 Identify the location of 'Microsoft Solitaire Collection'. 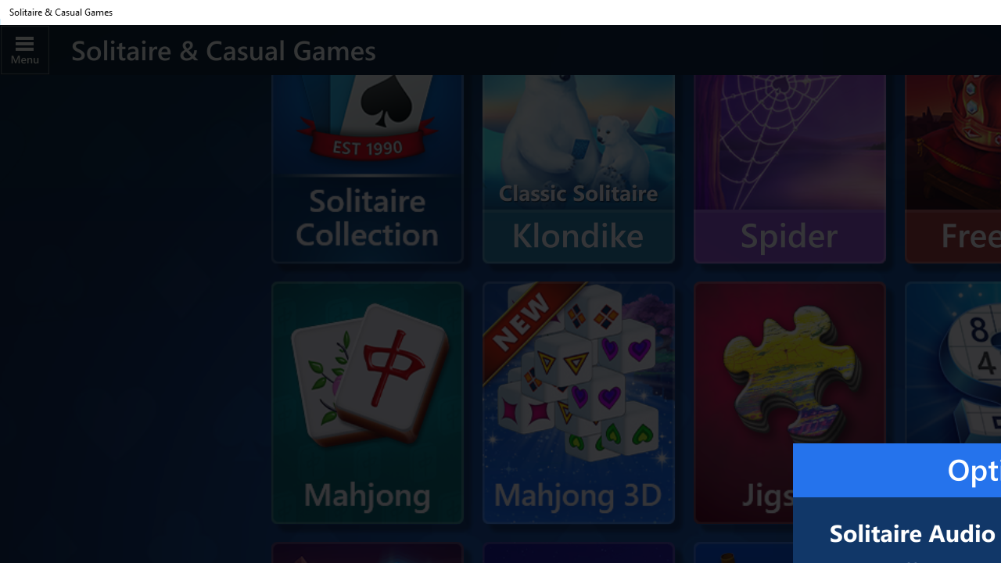
(366, 166).